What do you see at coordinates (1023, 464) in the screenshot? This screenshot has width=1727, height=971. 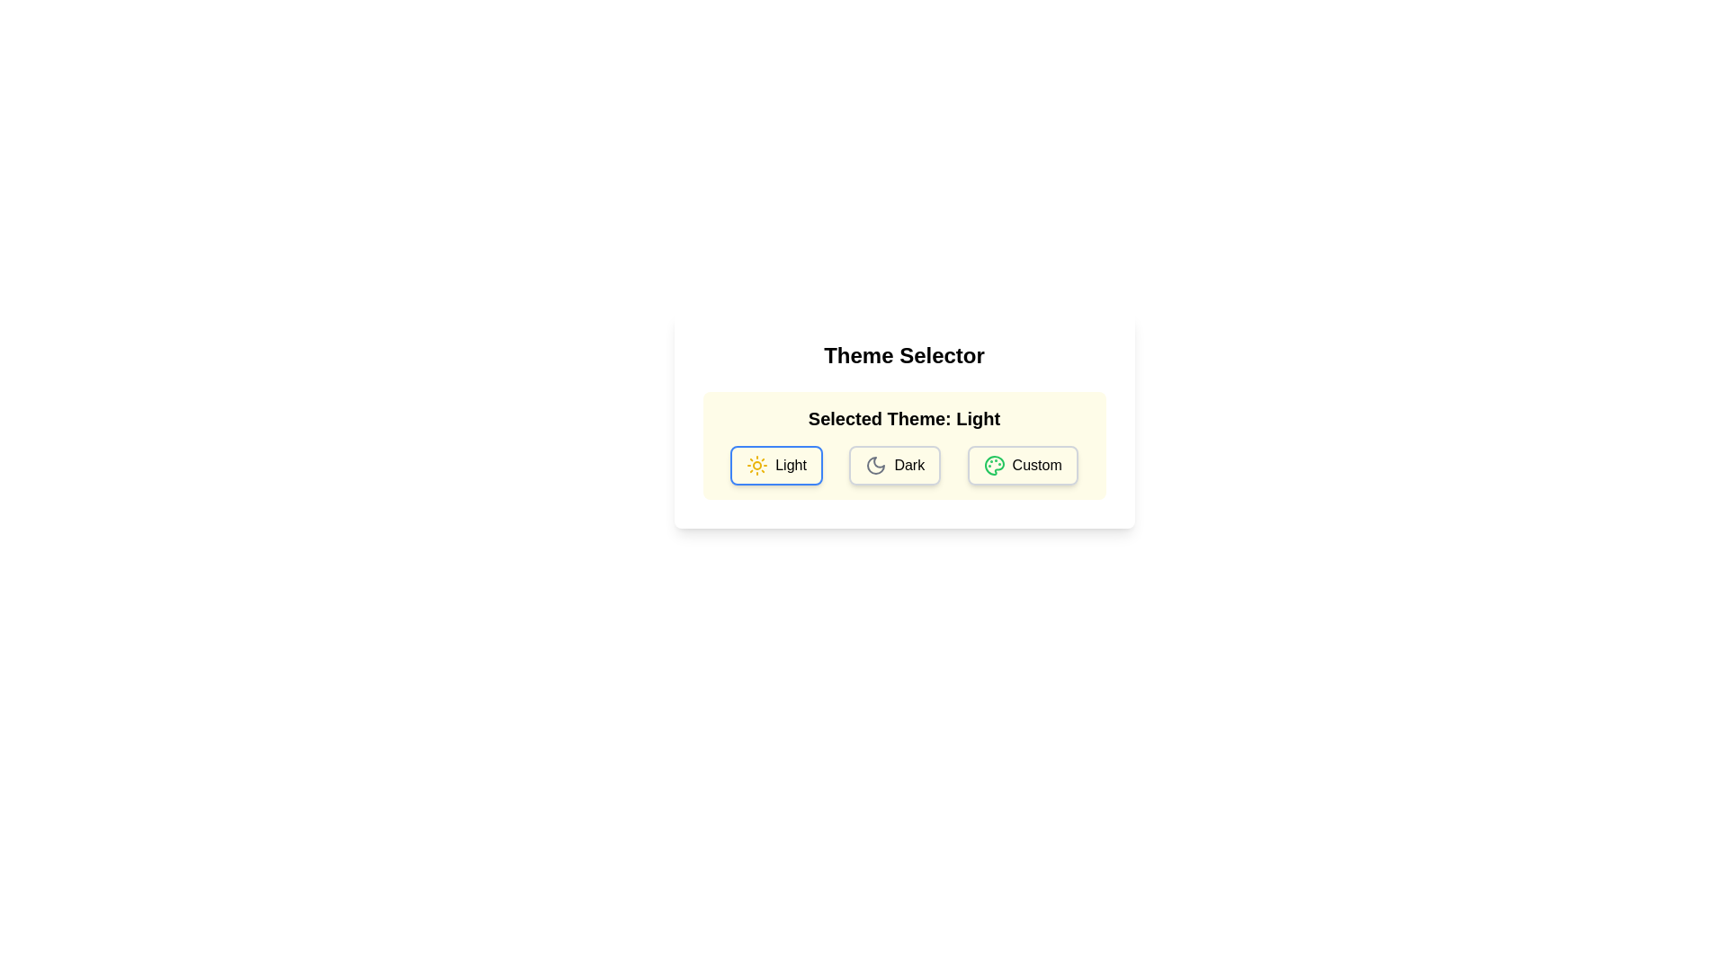 I see `the 'Custom' theme button, which is the rightmost button in a group of three theme options: 'Light', 'Dark', and 'Custom'` at bounding box center [1023, 464].